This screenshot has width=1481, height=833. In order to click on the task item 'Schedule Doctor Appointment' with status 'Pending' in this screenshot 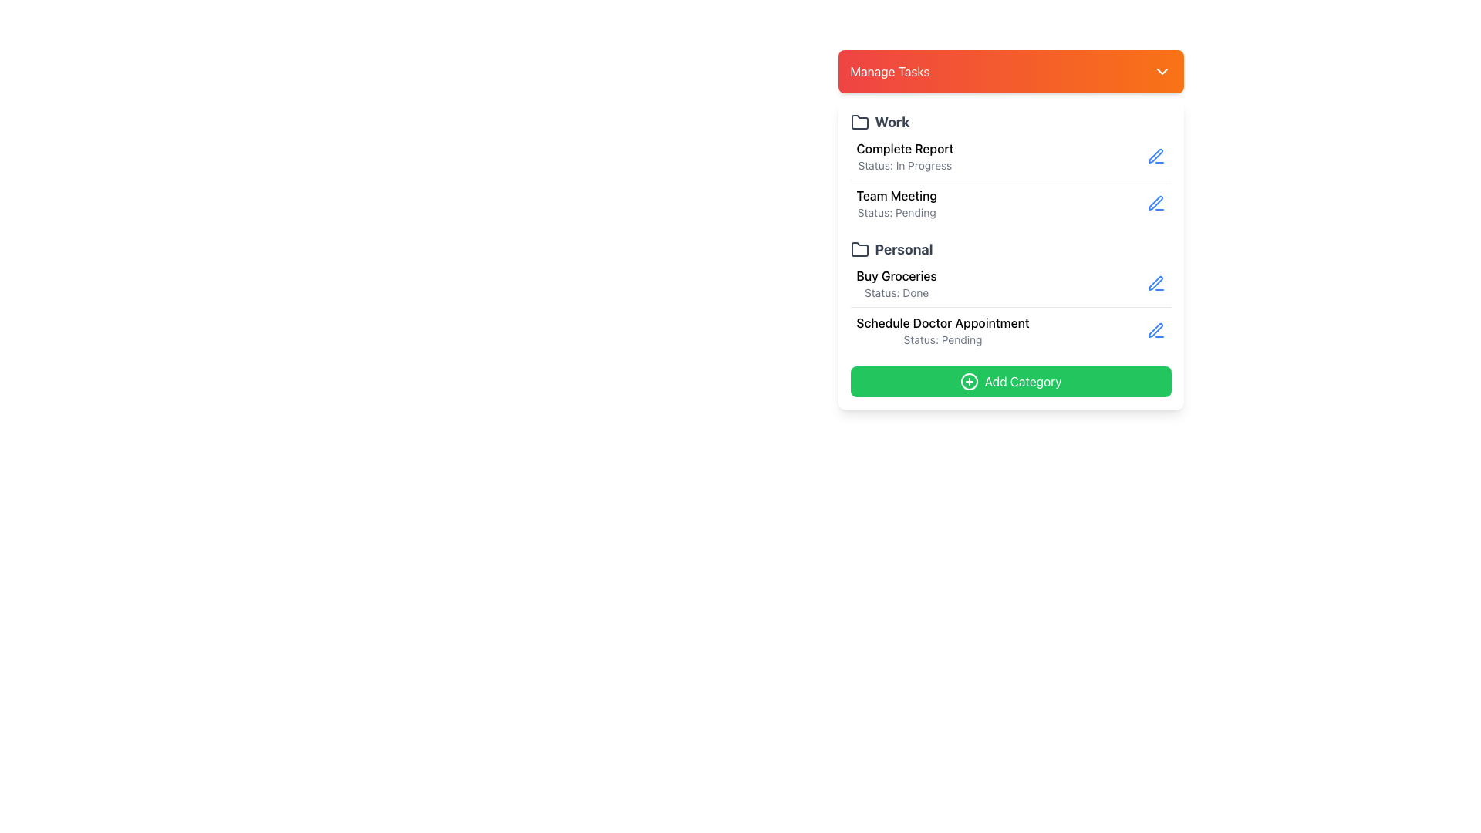, I will do `click(1010, 329)`.